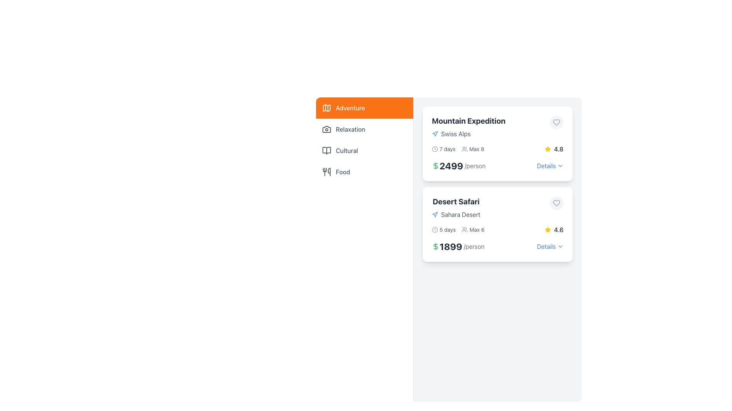  What do you see at coordinates (475, 165) in the screenshot?
I see `the text label that indicates the price is for a single person, located to the right of the '2499' price in the first card under 'Mountain Expedition'` at bounding box center [475, 165].